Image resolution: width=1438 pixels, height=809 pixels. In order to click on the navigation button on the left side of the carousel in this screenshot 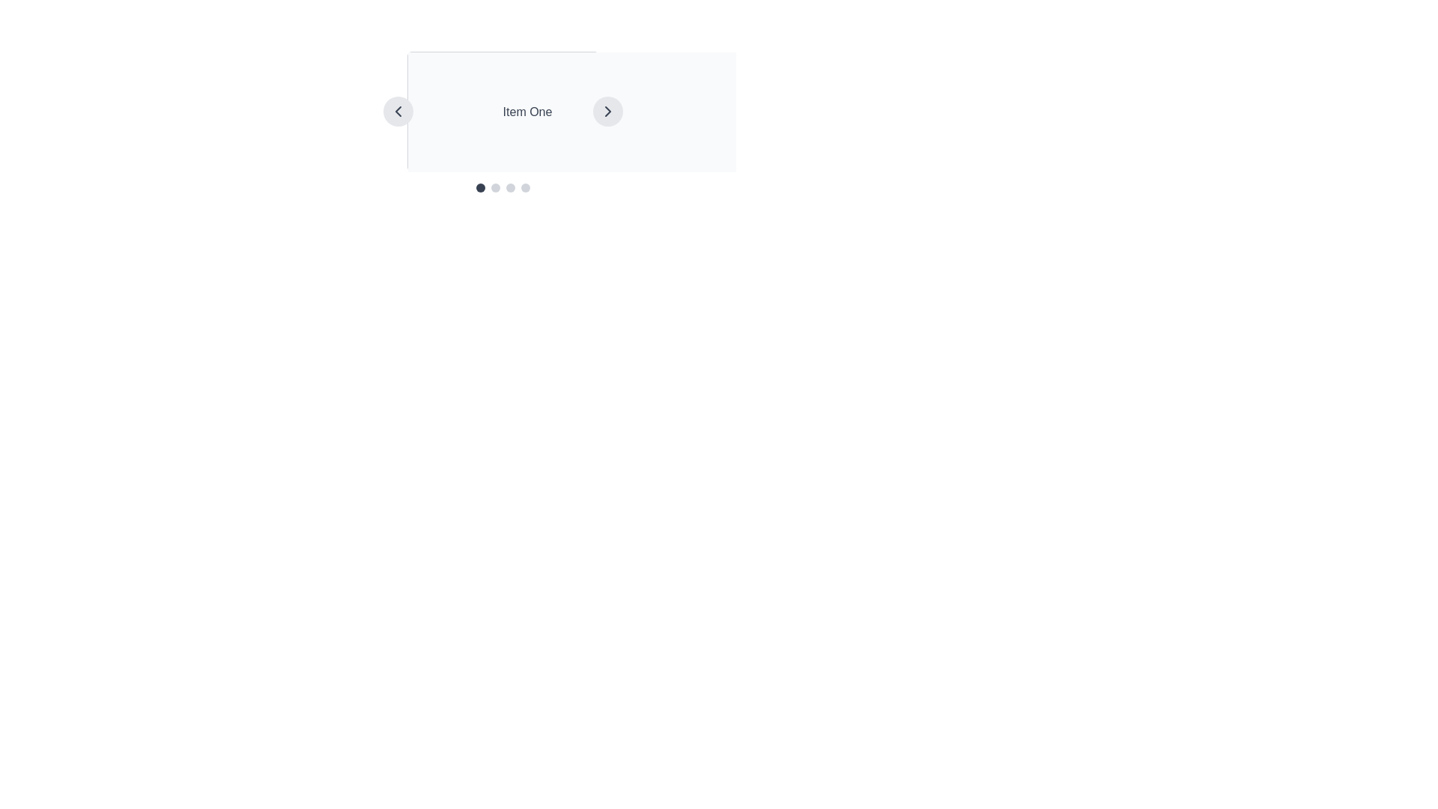, I will do `click(398, 111)`.